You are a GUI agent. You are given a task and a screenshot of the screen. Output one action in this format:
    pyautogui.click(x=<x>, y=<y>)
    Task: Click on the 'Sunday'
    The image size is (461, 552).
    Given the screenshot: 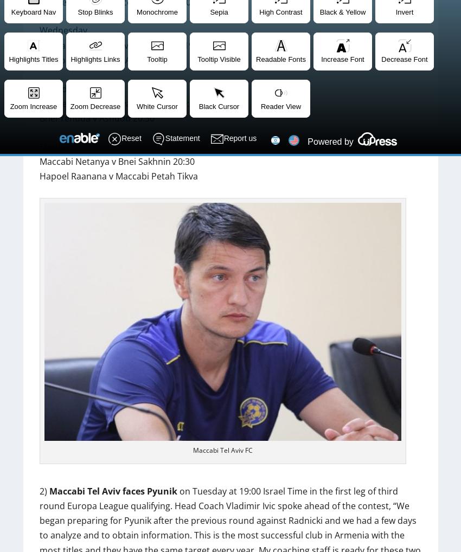 What is the action you would take?
    pyautogui.click(x=53, y=146)
    